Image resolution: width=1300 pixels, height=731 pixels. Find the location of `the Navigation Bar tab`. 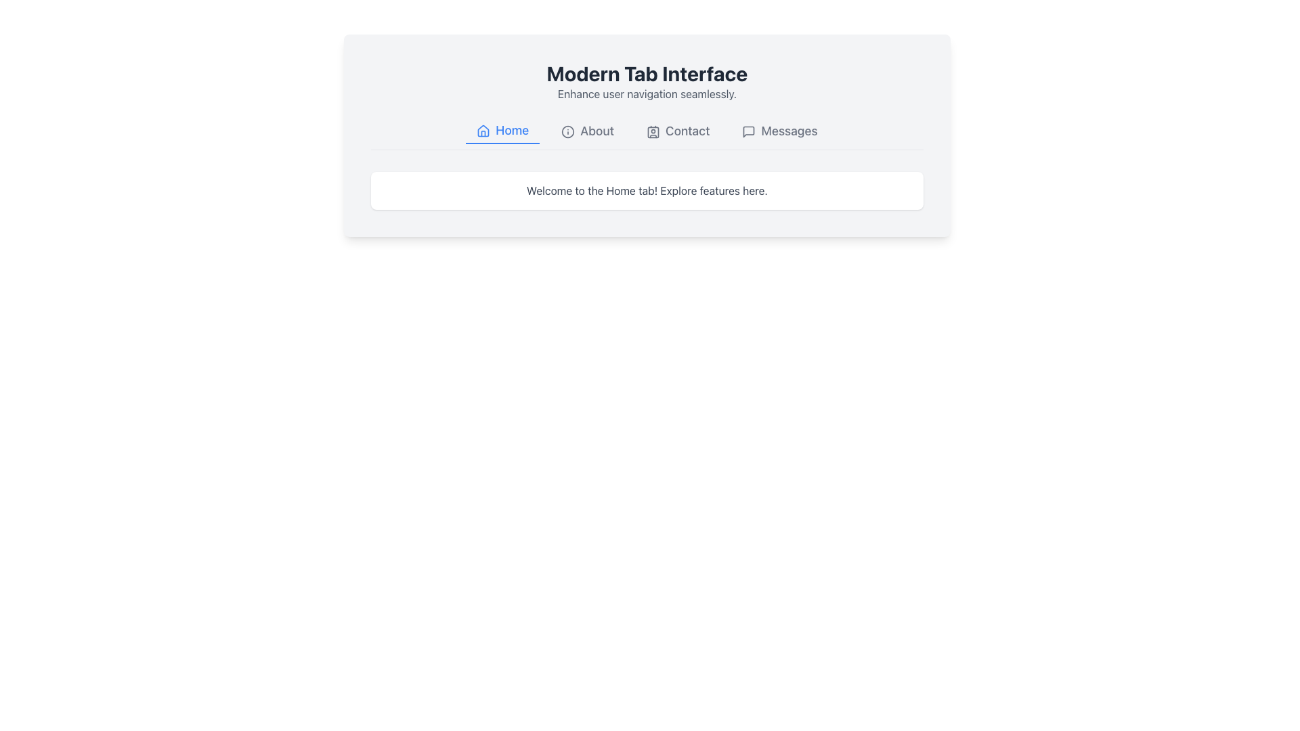

the Navigation Bar tab is located at coordinates (646, 134).